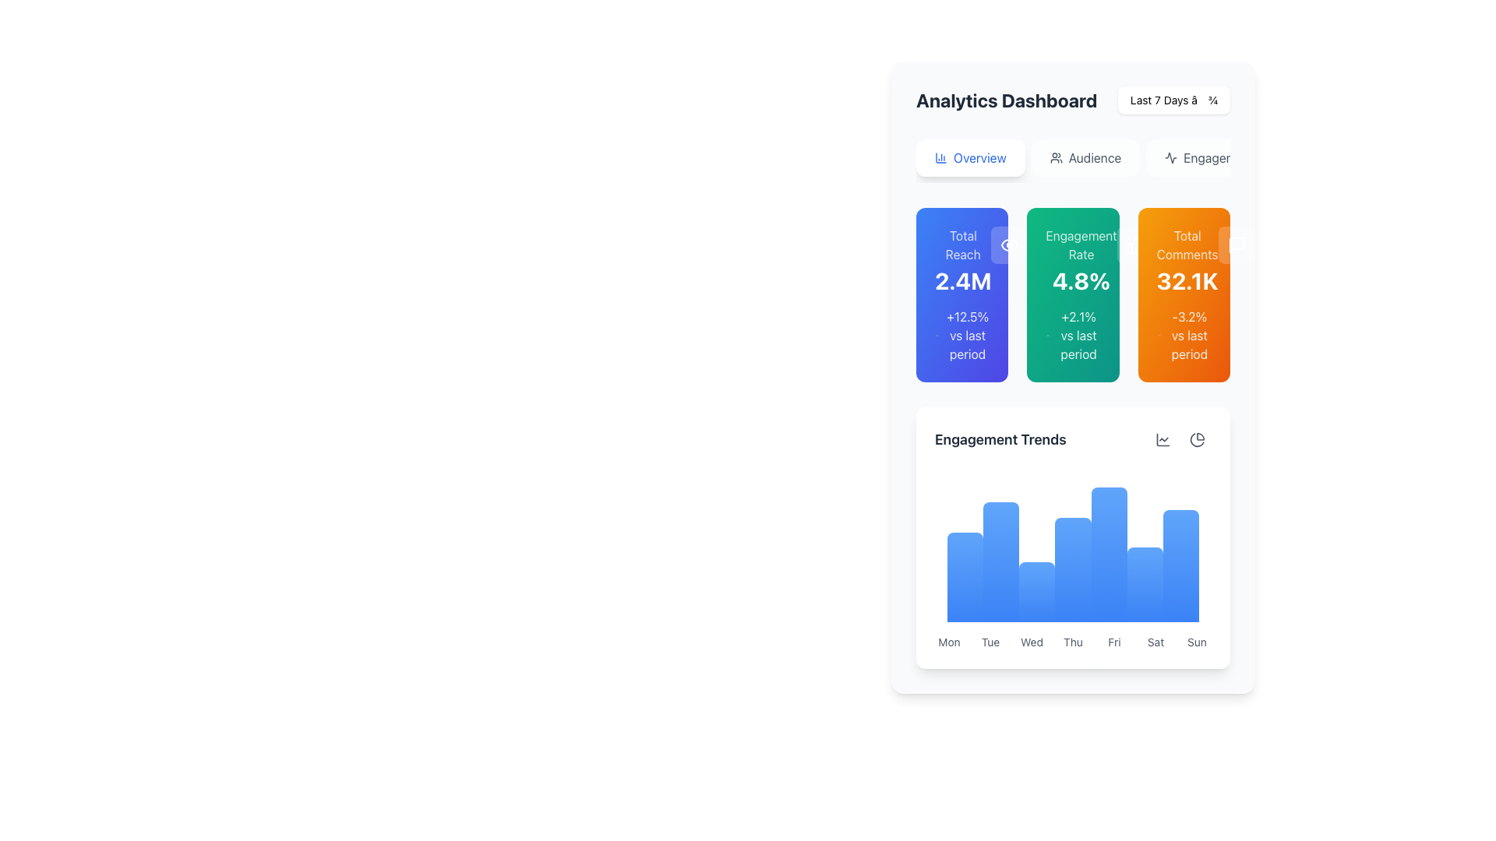  What do you see at coordinates (1145, 585) in the screenshot?
I see `the sixth vertical bar in the 'Engagement Trends' chart` at bounding box center [1145, 585].